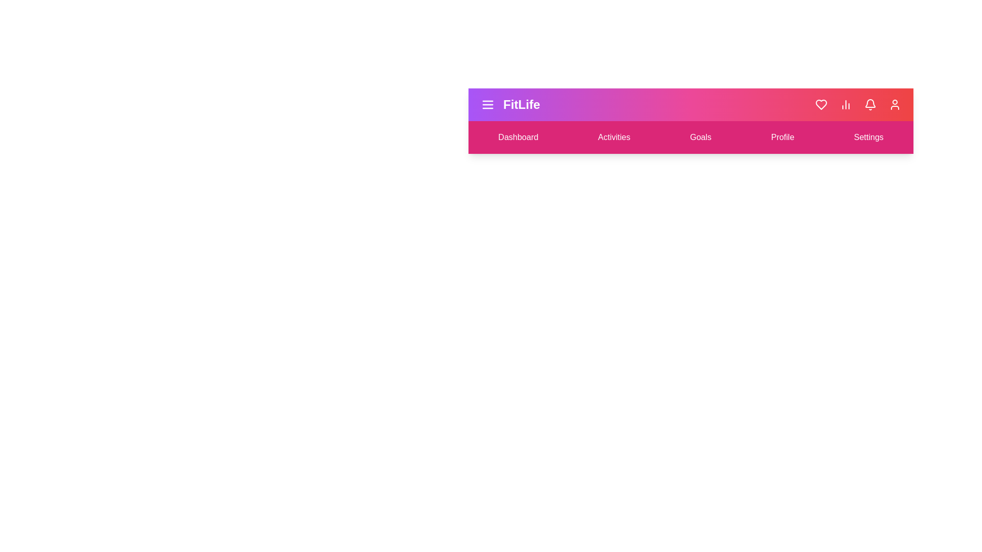 This screenshot has width=982, height=552. Describe the element at coordinates (518, 137) in the screenshot. I see `the menu item corresponding to Dashboard` at that location.